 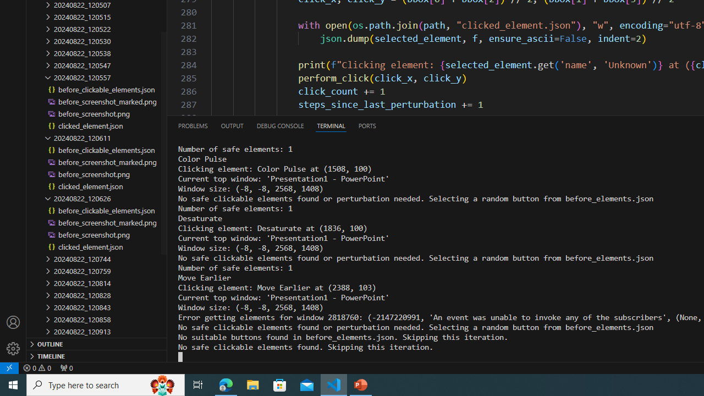 I want to click on 'Terminal (Ctrl+`)', so click(x=331, y=125).